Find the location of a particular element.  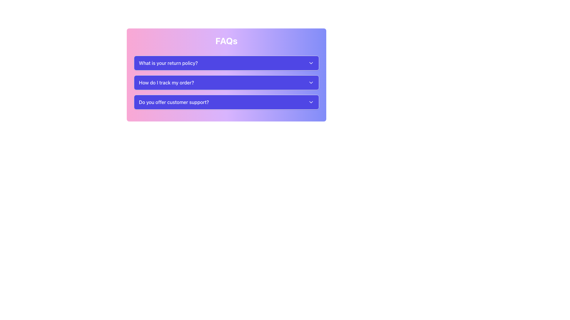

the icon located to the right of the text 'Do you offer customer support?' in the FAQ section is located at coordinates (311, 102).